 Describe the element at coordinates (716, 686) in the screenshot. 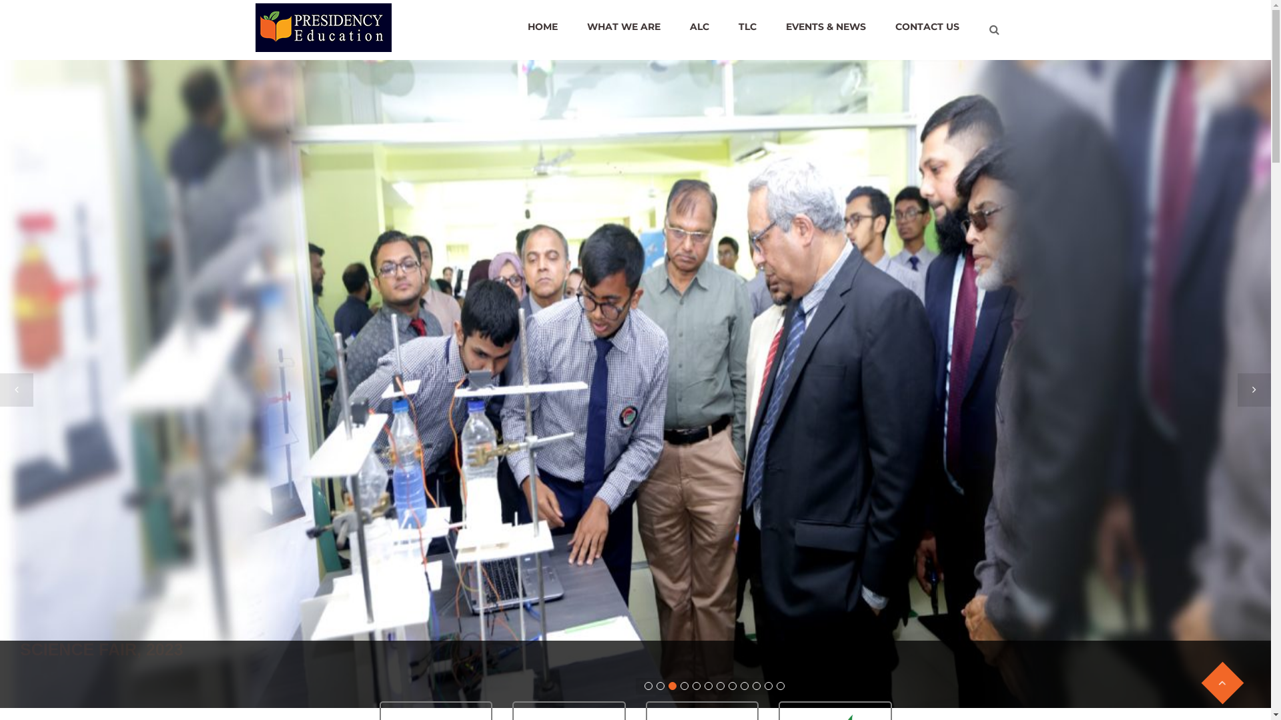

I see `'7'` at that location.